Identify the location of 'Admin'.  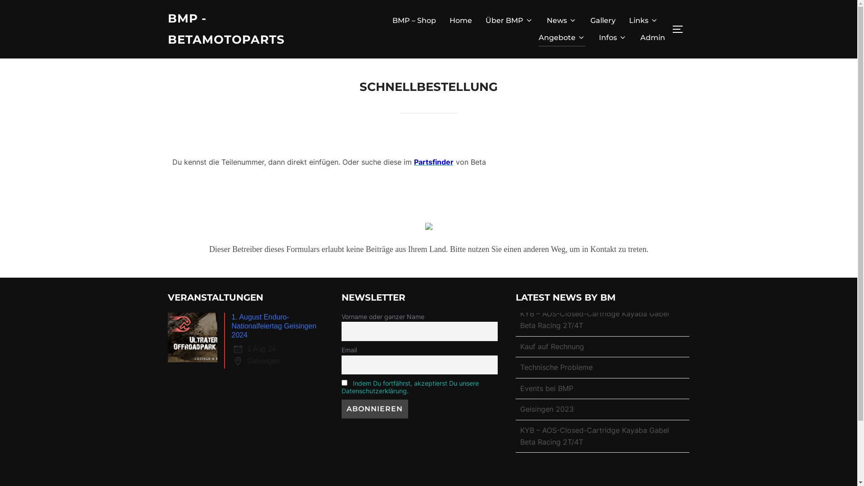
(652, 37).